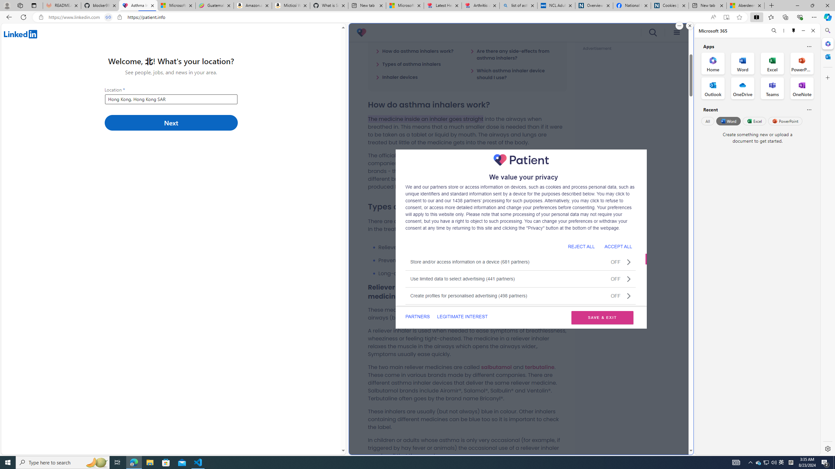 This screenshot has height=469, width=835. What do you see at coordinates (707, 5) in the screenshot?
I see `'New tab'` at bounding box center [707, 5].